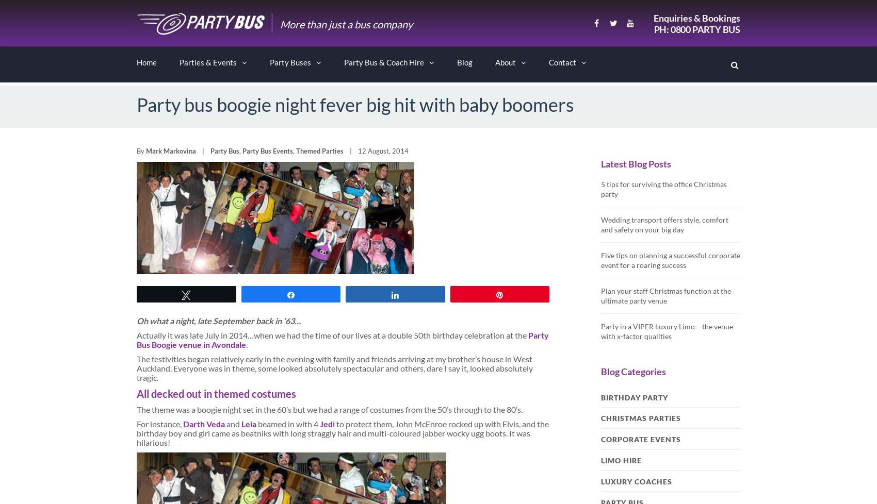  I want to click on 'By', so click(141, 150).